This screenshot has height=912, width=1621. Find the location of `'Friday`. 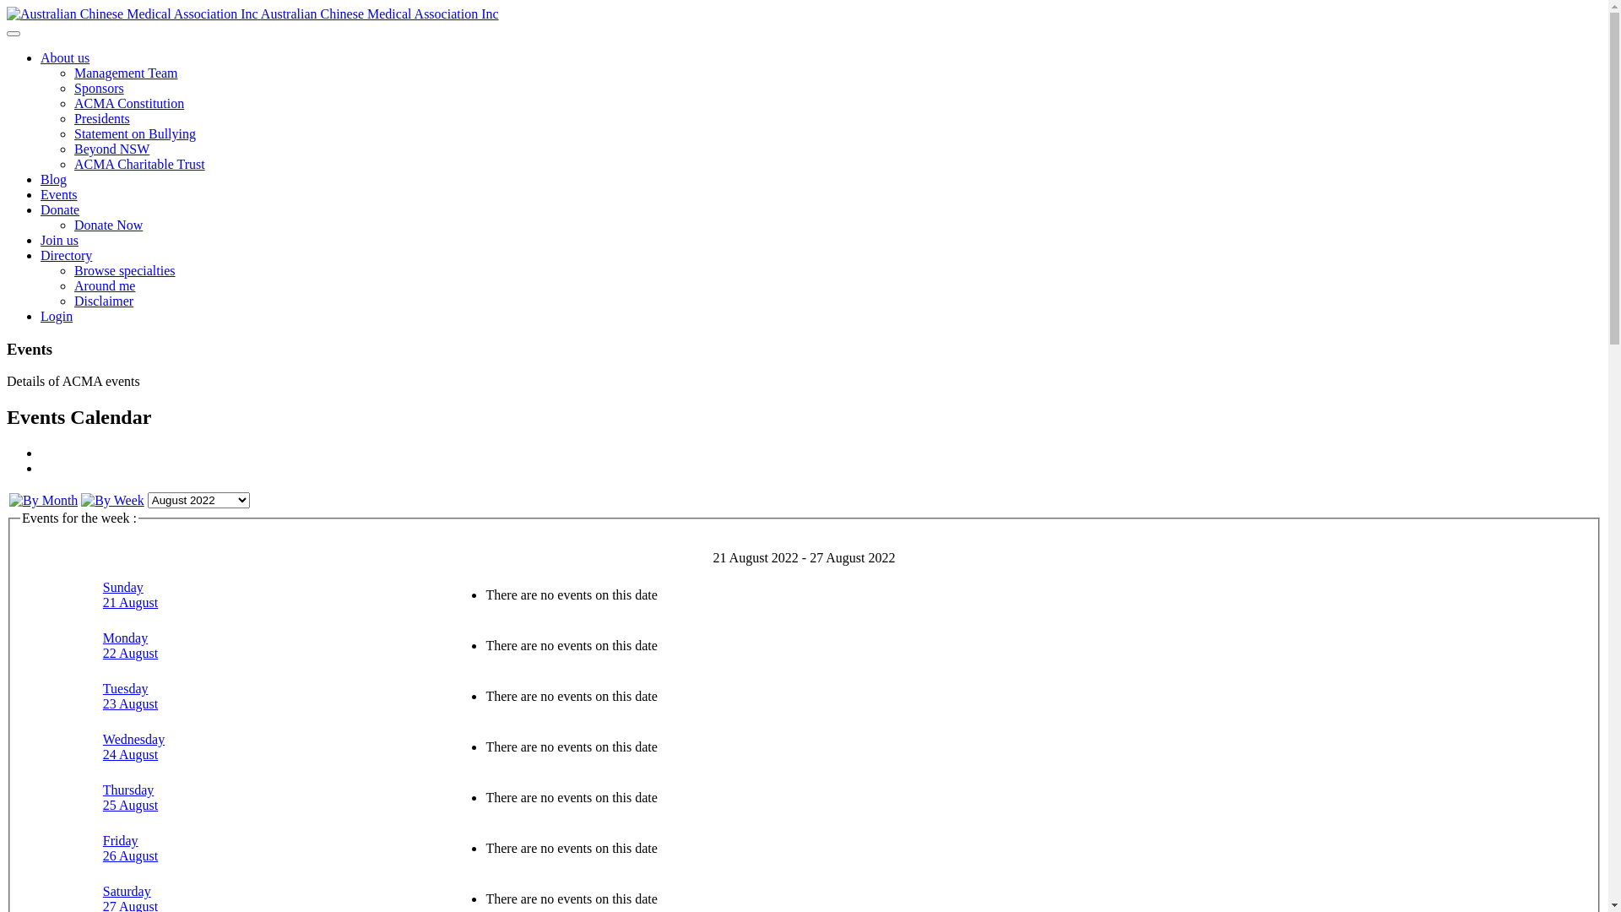

'Friday is located at coordinates (129, 848).